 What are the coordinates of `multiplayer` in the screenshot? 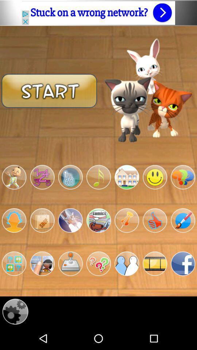 It's located at (126, 263).